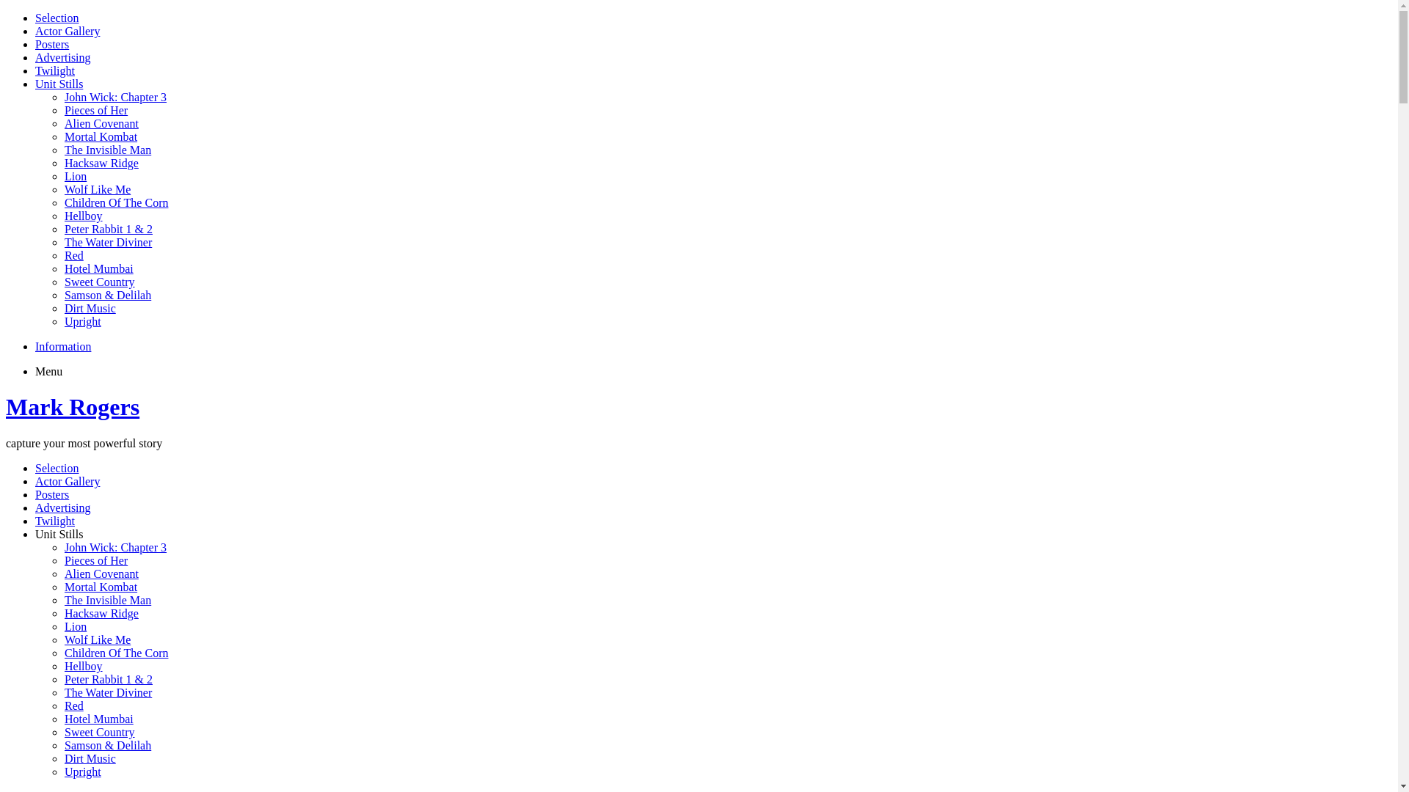  What do you see at coordinates (95, 109) in the screenshot?
I see `'Pieces of Her'` at bounding box center [95, 109].